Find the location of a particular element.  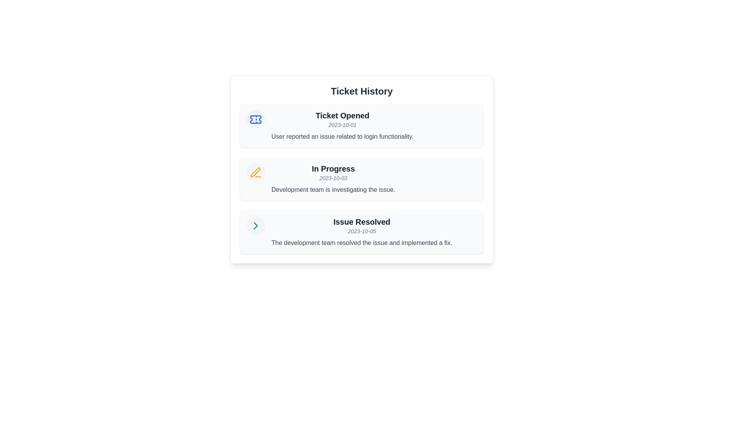

the ticket-shaped icon with a blue stroke located to the left of the 'Ticket Opened' text in the Ticket History interface is located at coordinates (255, 119).